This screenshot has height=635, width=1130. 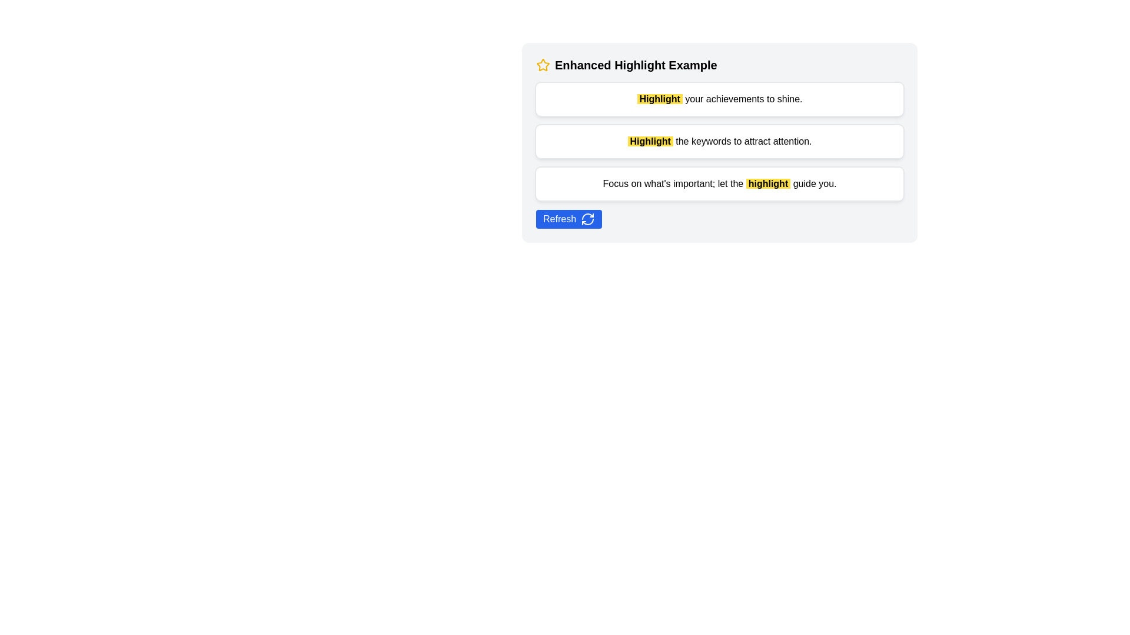 I want to click on text block that contains the word 'Highlight', which is styled in bold with a yellow background, located in the second row of the card layout under 'Enhanced Highlight Example', so click(x=650, y=141).